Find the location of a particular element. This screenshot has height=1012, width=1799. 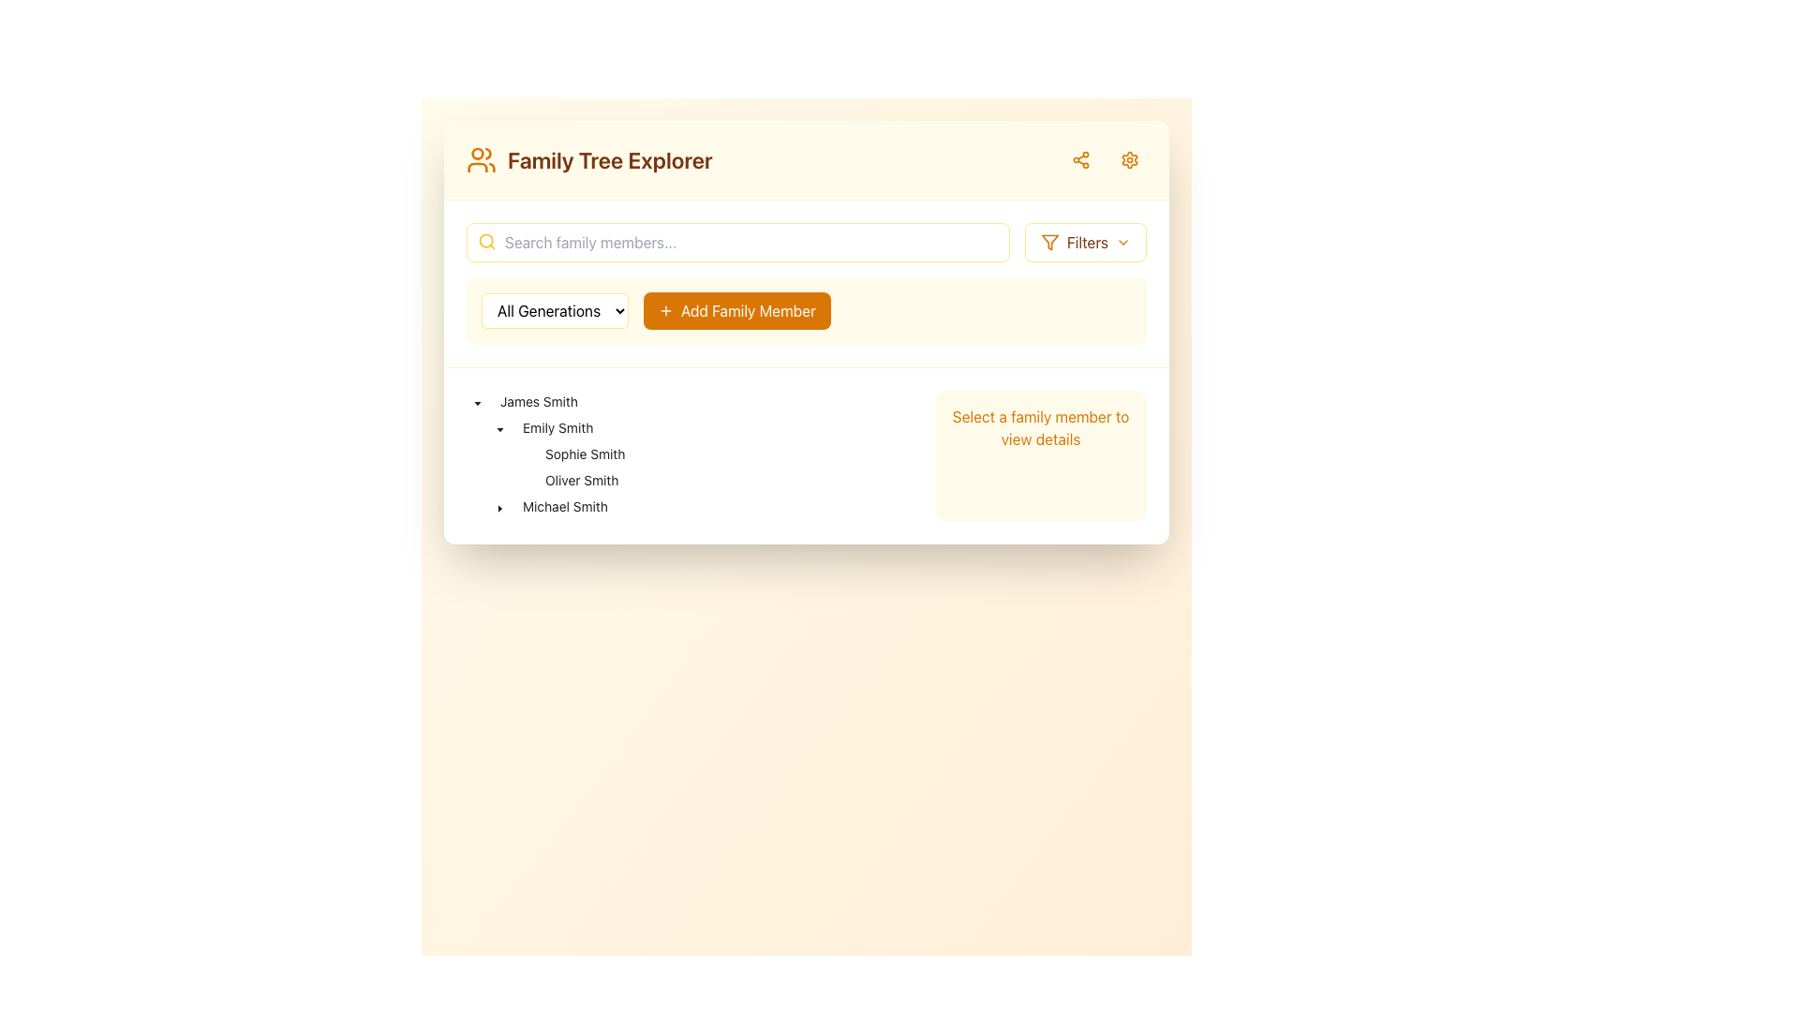

the triangular icon to the left of the text 'Michael Smith' is located at coordinates (499, 506).